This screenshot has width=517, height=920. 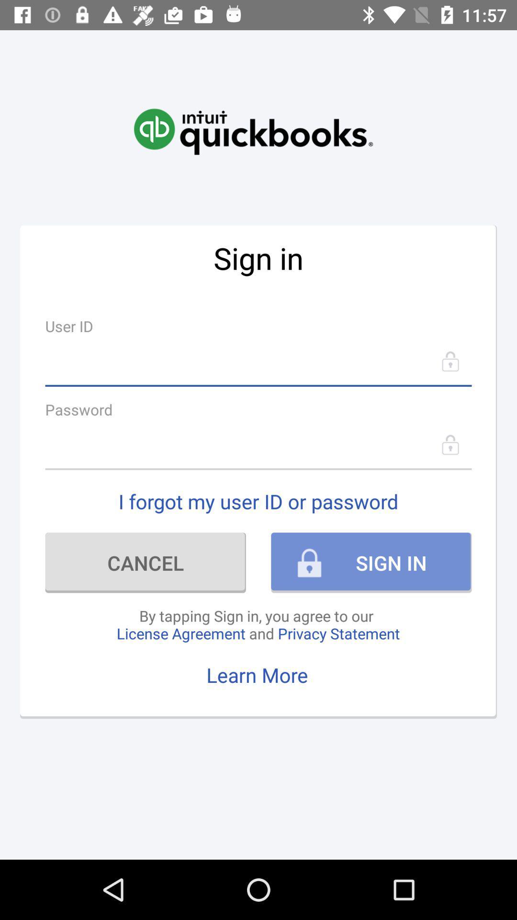 What do you see at coordinates (258, 624) in the screenshot?
I see `by tapping sign icon` at bounding box center [258, 624].